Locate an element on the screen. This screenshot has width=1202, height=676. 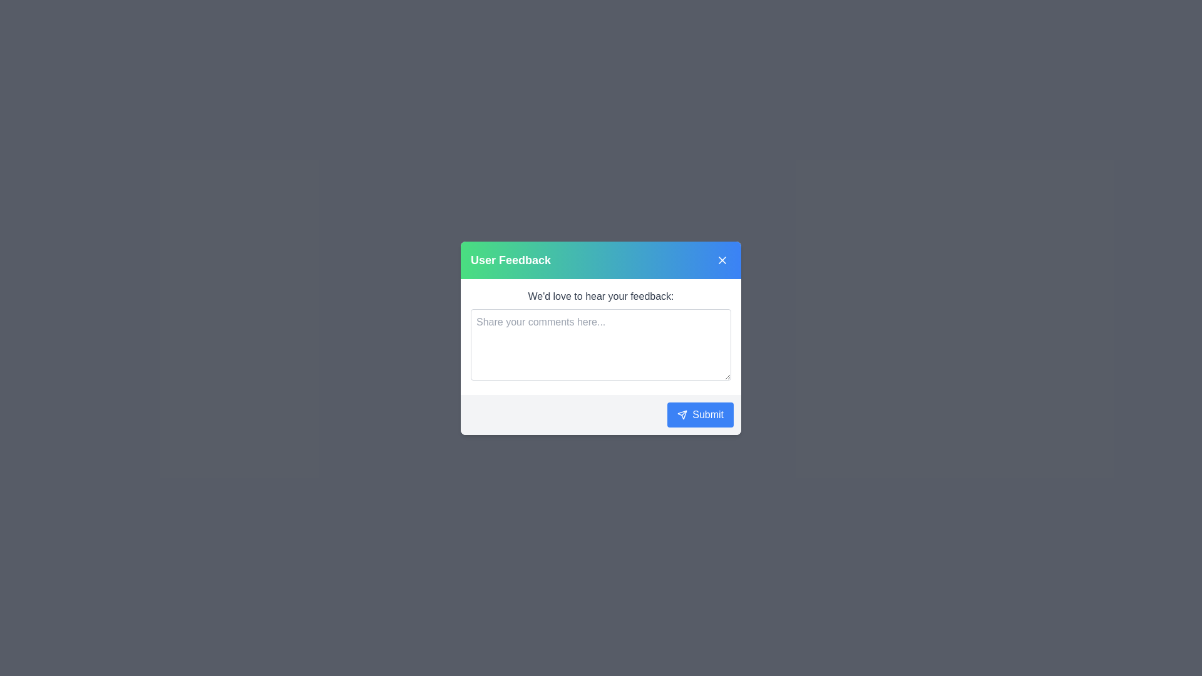
the Text label prompting for user feedback located within the modal dialog box, positioned below the heading 'User Feedback' and above the text input area is located at coordinates (601, 296).